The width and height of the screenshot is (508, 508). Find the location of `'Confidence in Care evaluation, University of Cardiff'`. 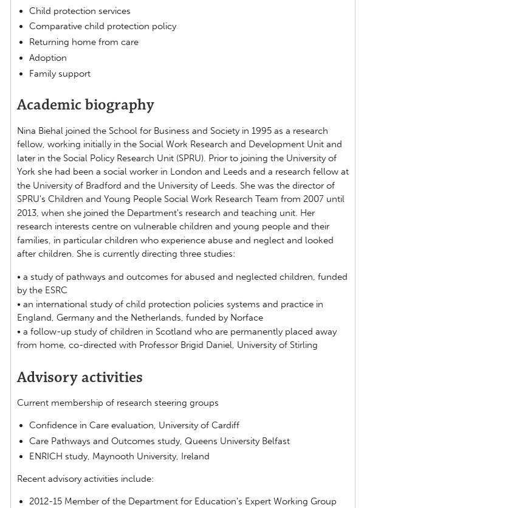

'Confidence in Care evaluation, University of Cardiff' is located at coordinates (28, 424).